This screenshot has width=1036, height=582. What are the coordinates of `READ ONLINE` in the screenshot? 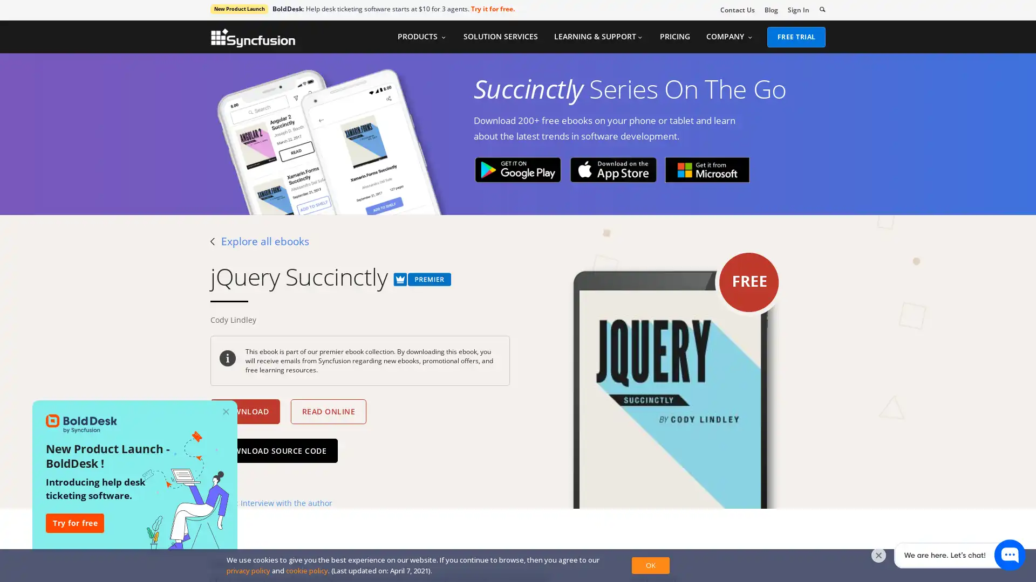 It's located at (328, 411).